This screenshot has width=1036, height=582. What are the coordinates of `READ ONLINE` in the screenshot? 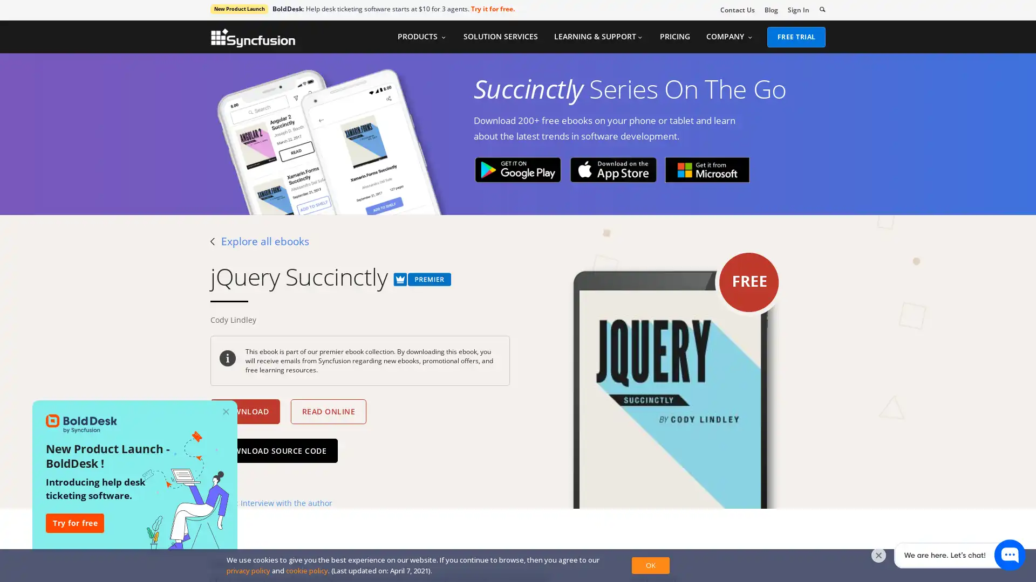 It's located at (328, 411).